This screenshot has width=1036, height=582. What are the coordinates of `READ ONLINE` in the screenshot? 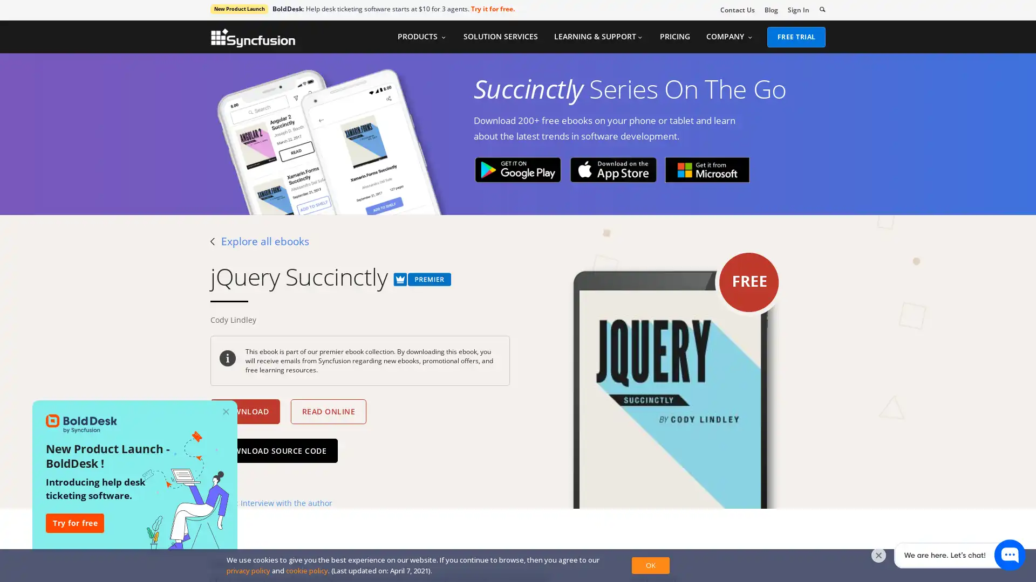 It's located at (328, 411).